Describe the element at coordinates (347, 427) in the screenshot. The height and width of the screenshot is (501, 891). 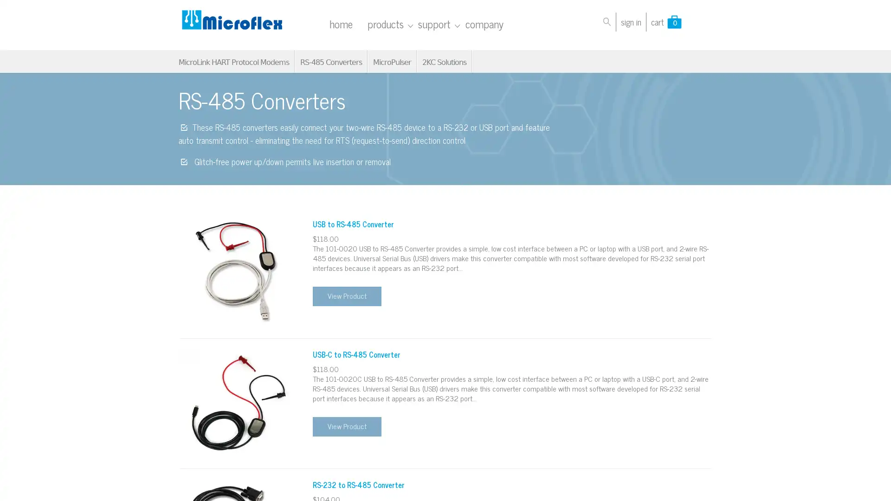
I see `View Product` at that location.